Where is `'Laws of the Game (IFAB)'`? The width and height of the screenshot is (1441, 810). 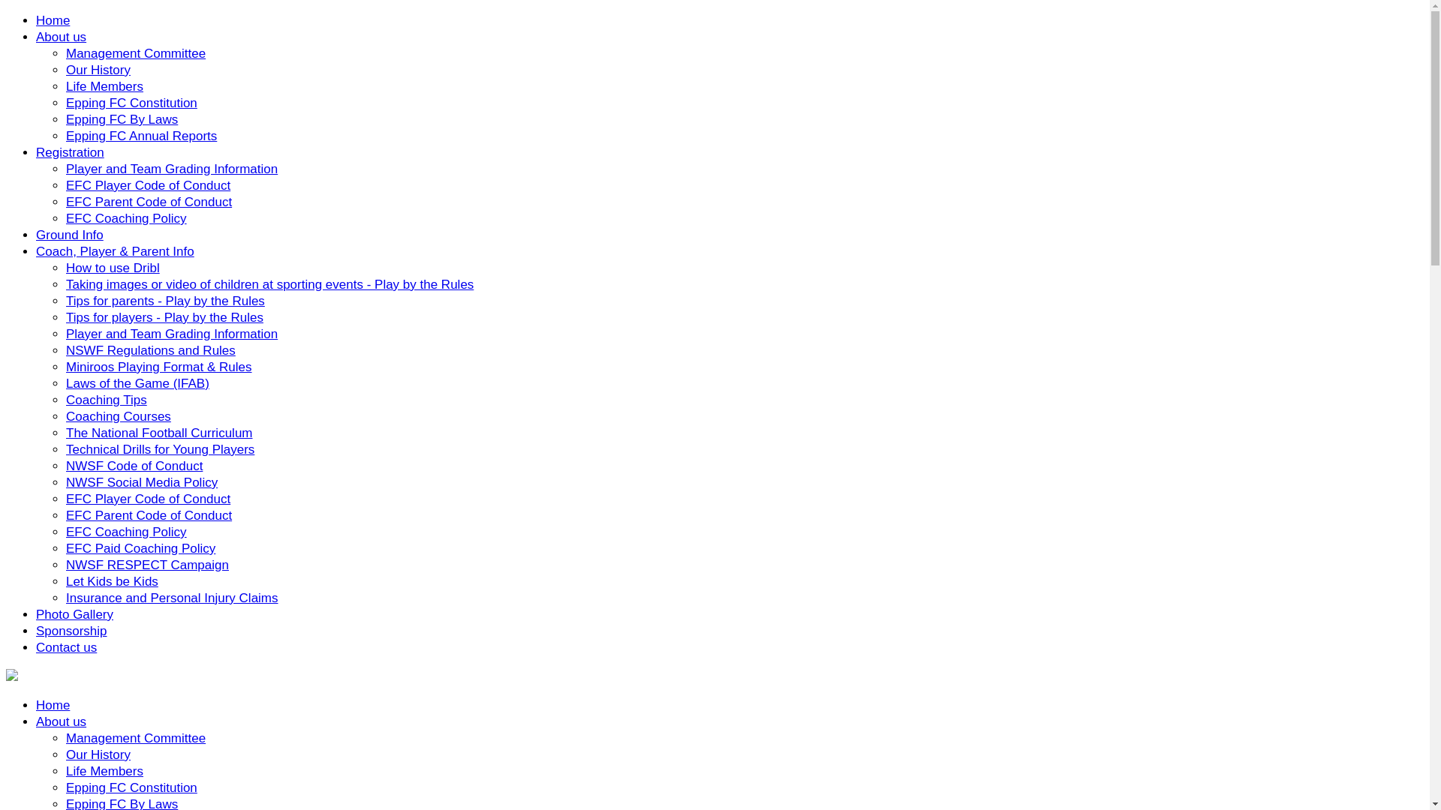
'Laws of the Game (IFAB)' is located at coordinates (137, 382).